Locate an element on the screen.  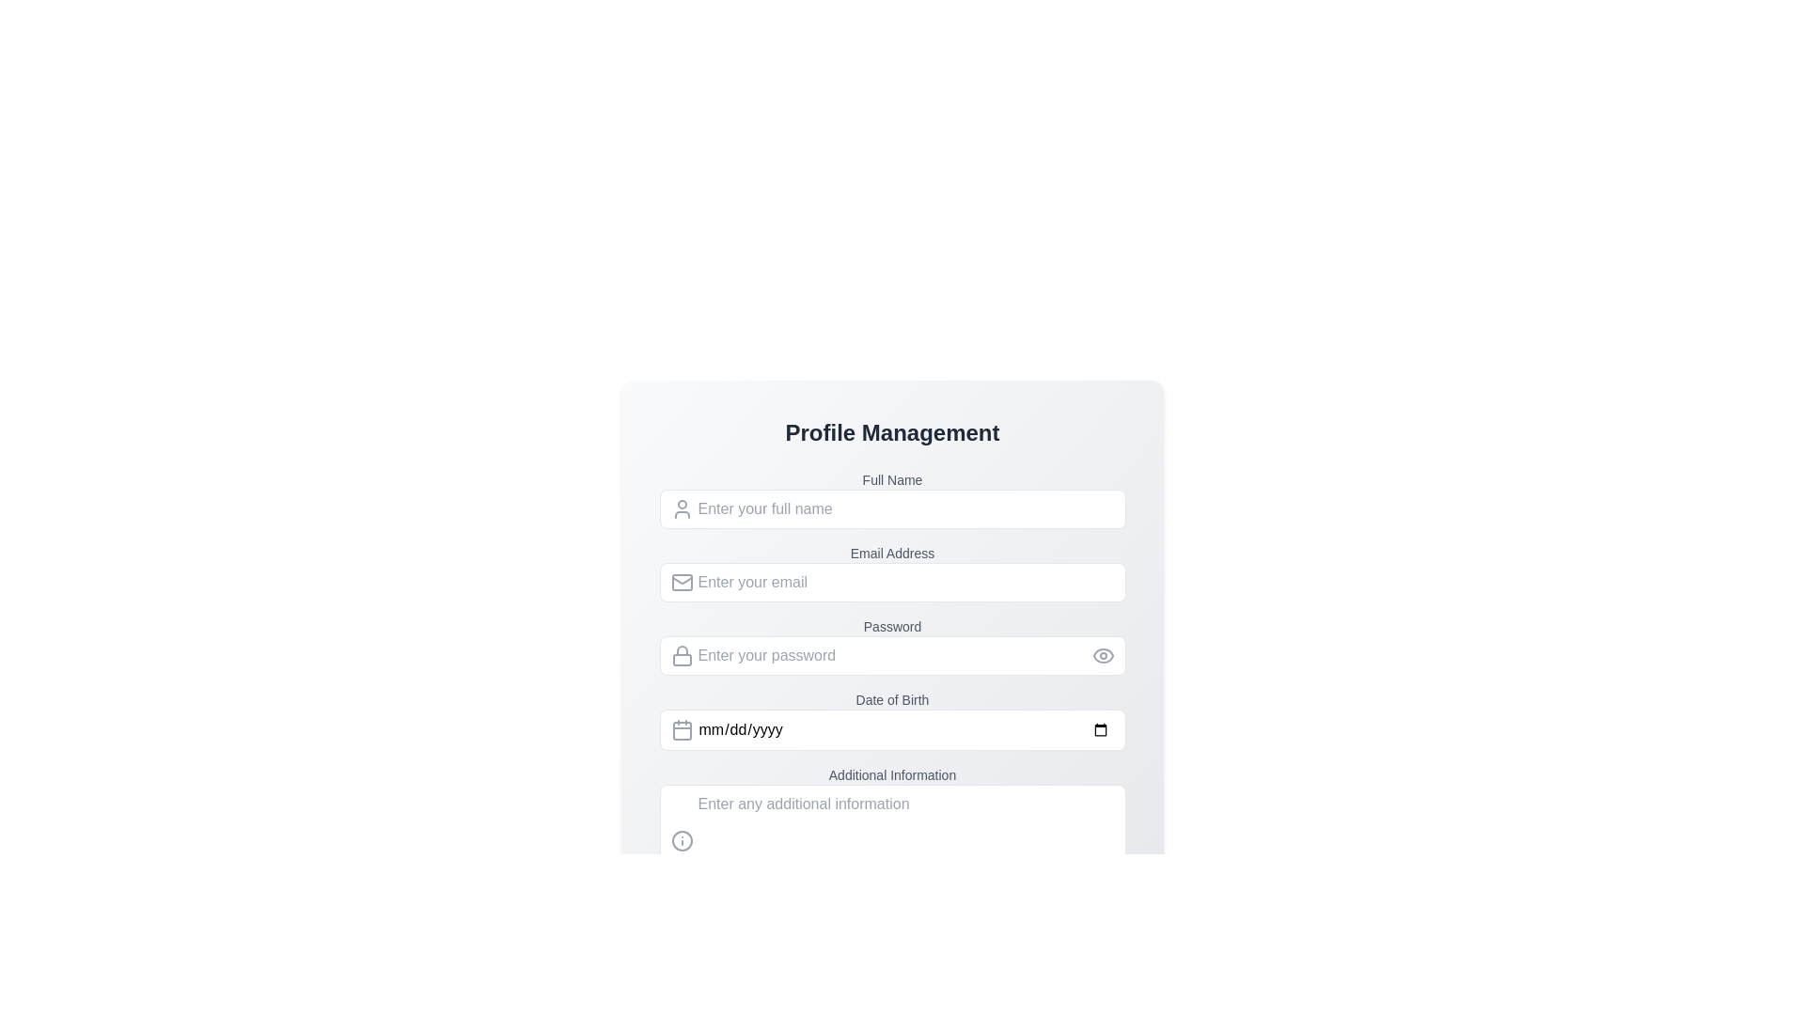
a date using the calendar picker adjacent to the 'Date of Birth' text input field located beneath the 'Password' section is located at coordinates (891, 710).